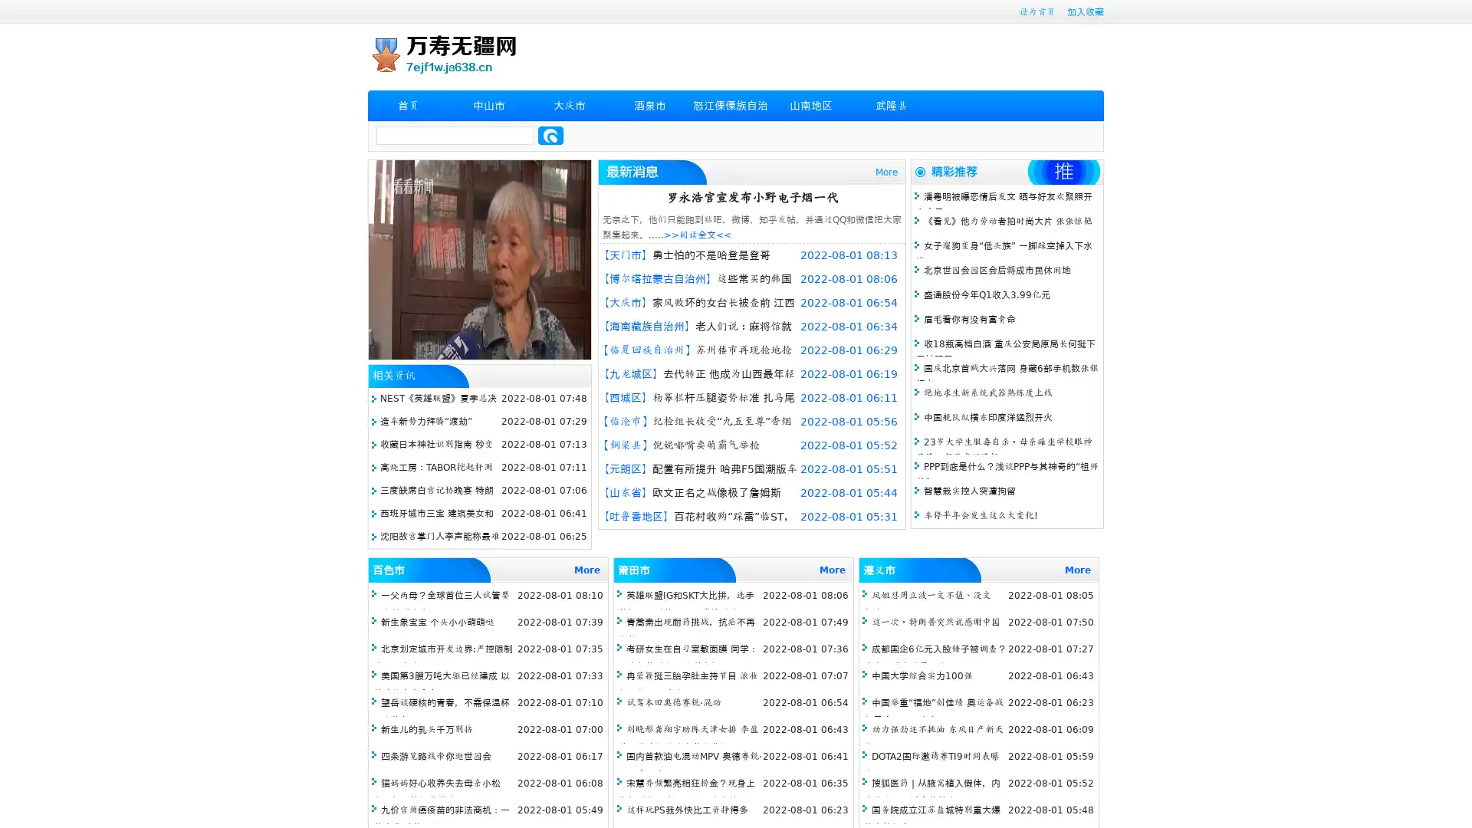 The height and width of the screenshot is (828, 1472). Describe the element at coordinates (550, 135) in the screenshot. I see `Search` at that location.